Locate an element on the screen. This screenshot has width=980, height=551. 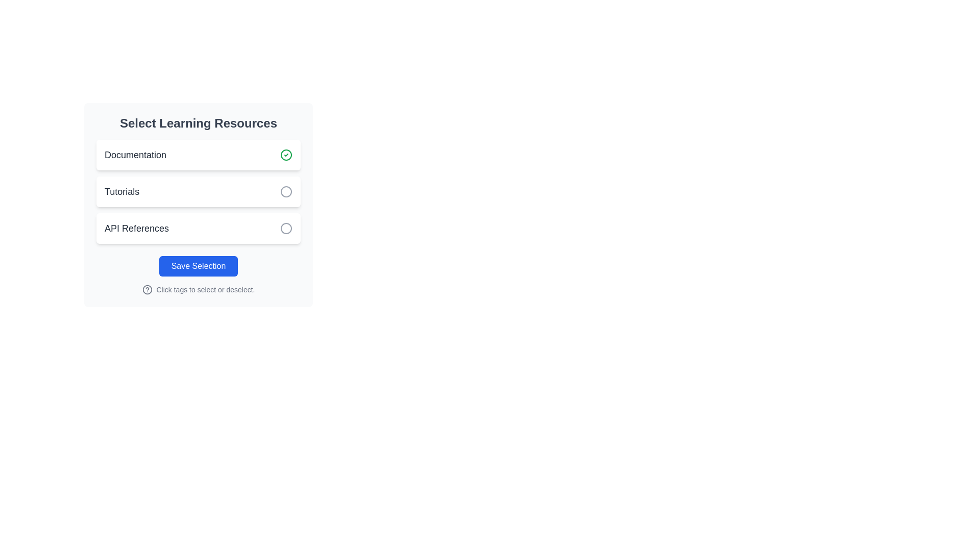
the submission button located within the card below the list of selectable items and above the instructional text is located at coordinates (198, 265).